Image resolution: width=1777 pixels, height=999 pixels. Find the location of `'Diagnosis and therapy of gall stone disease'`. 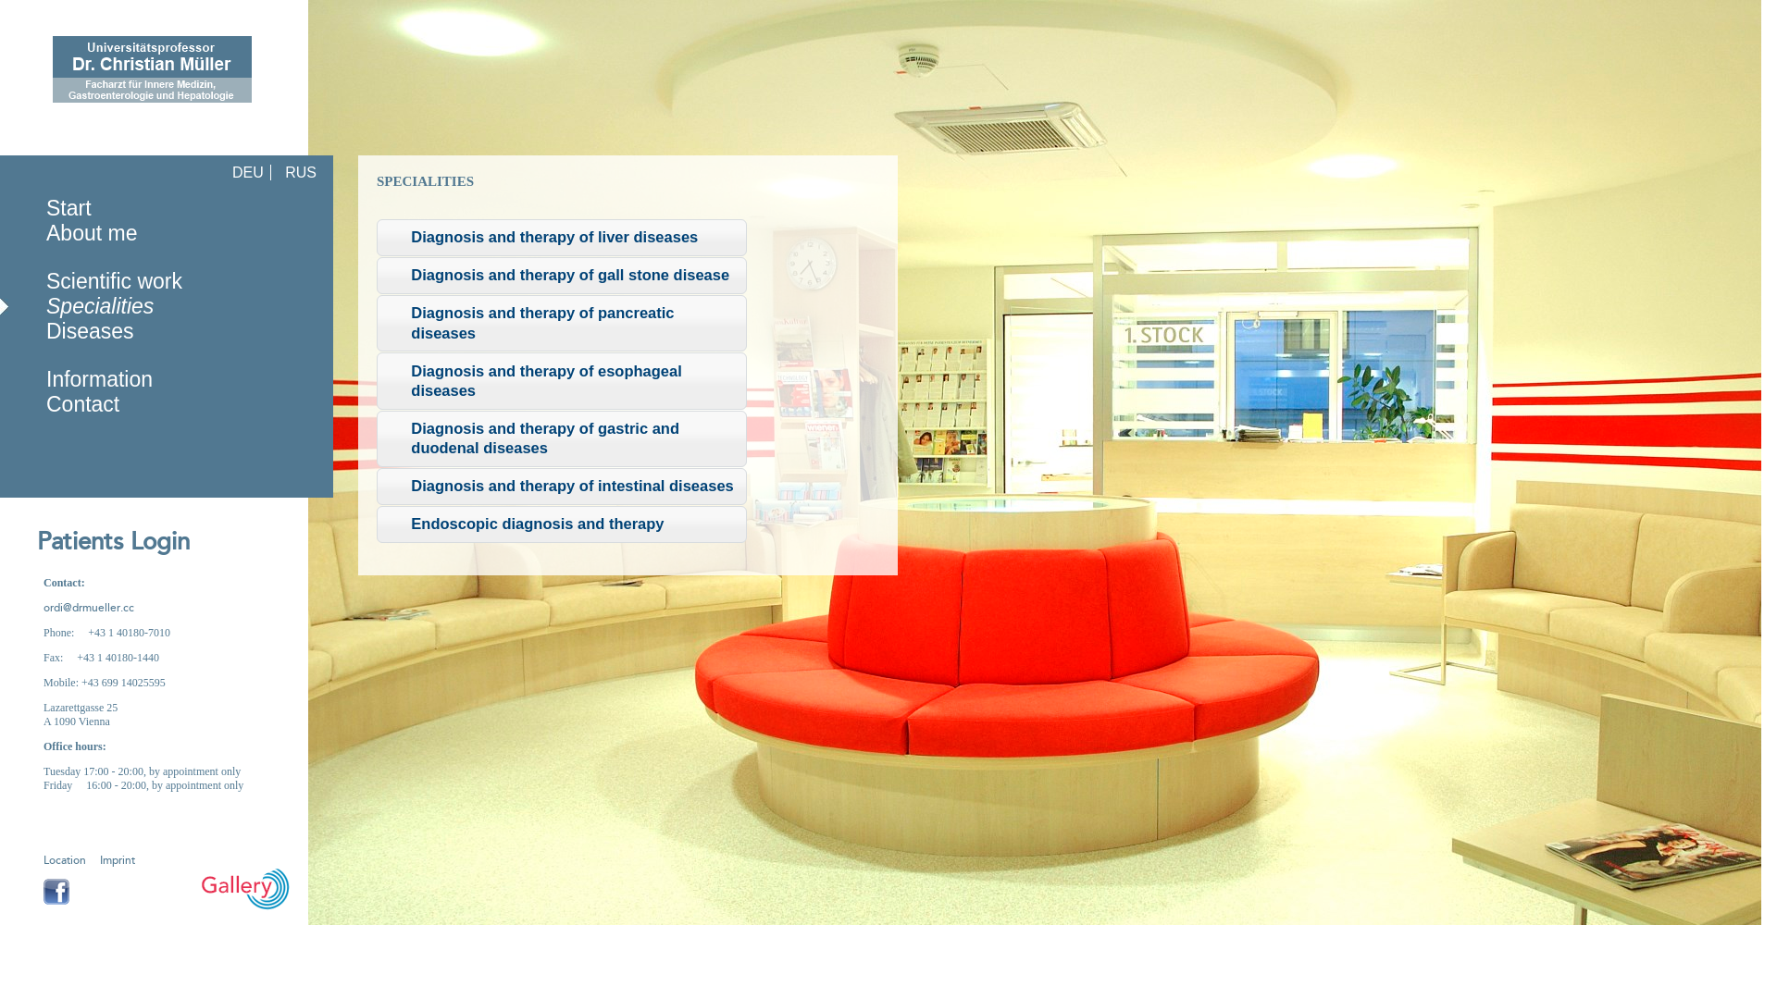

'Diagnosis and therapy of gall stone disease' is located at coordinates (560, 275).